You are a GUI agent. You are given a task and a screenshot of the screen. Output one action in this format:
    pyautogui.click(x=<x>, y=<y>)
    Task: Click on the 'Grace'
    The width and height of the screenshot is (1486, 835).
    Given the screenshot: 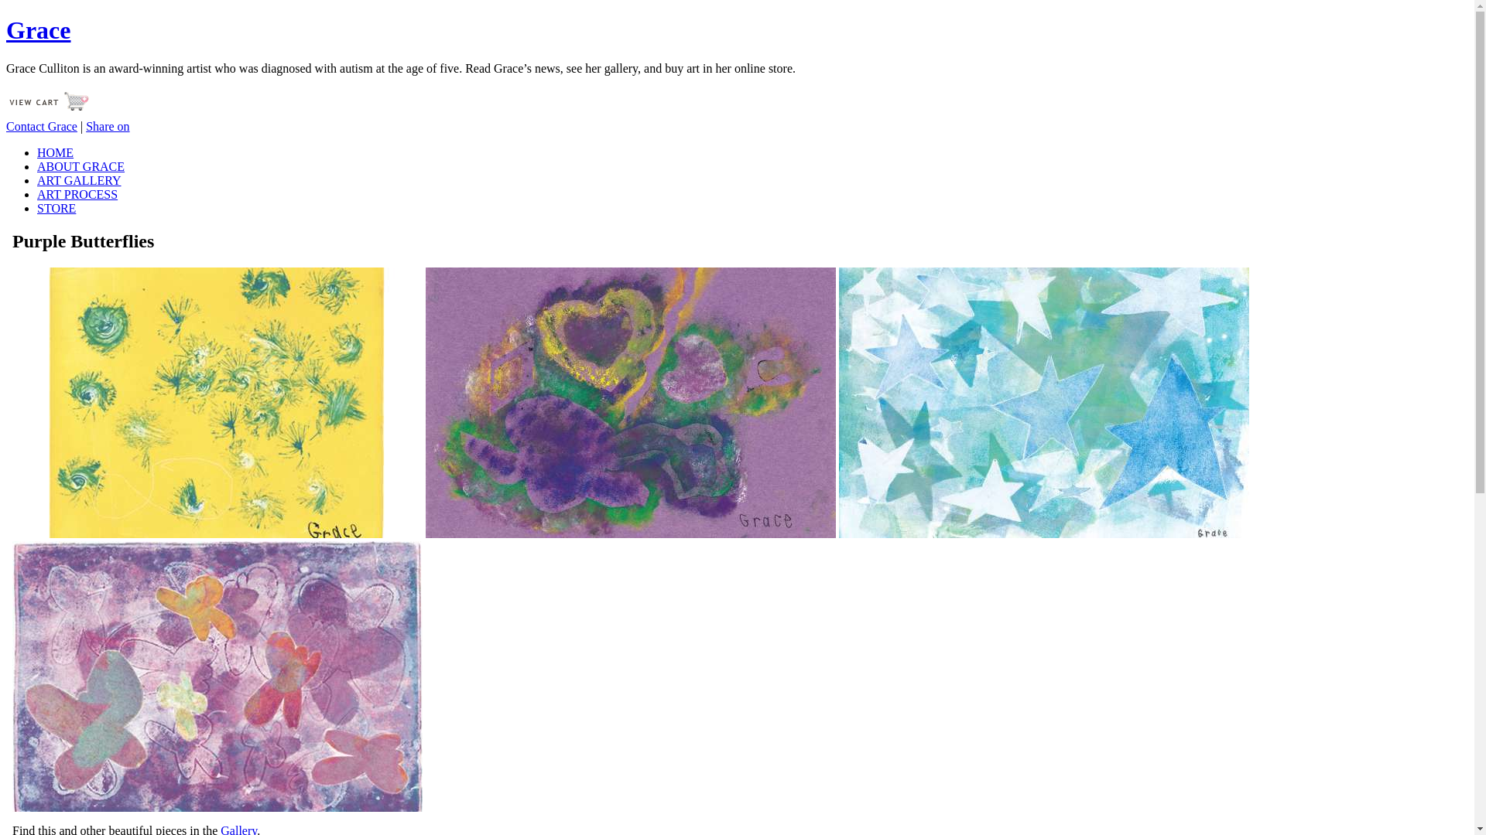 What is the action you would take?
    pyautogui.click(x=38, y=29)
    